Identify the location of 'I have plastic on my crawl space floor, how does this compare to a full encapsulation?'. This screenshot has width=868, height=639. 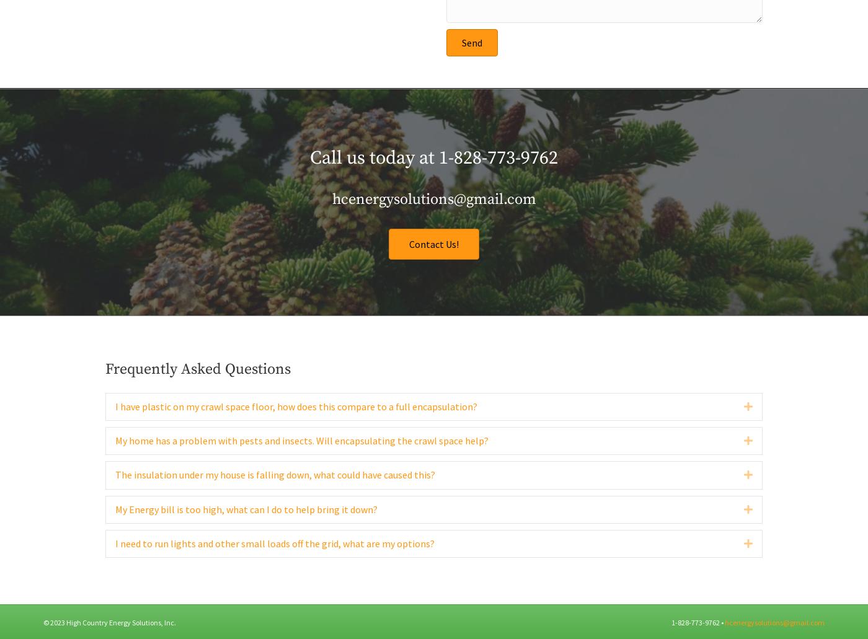
(115, 432).